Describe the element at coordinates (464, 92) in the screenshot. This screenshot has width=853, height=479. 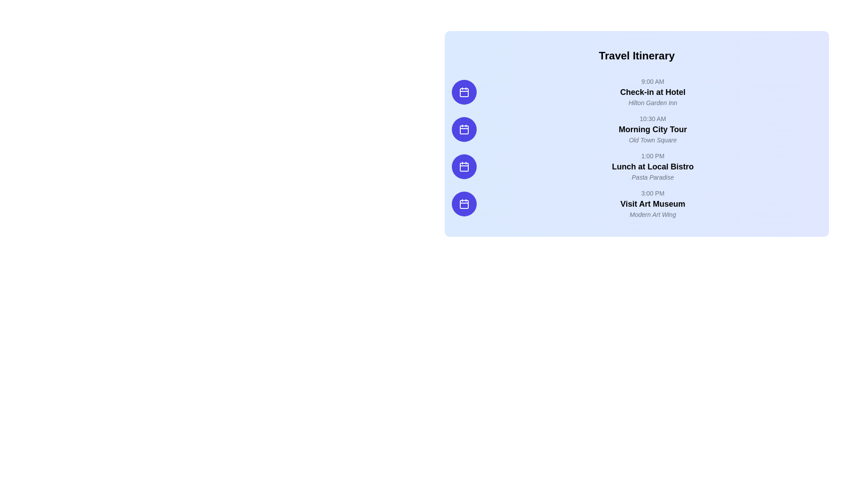
I see `the circular button with a purple background featuring a white calendar icon, which is aligned with the schedule item 'Check-in at Hotel'` at that location.